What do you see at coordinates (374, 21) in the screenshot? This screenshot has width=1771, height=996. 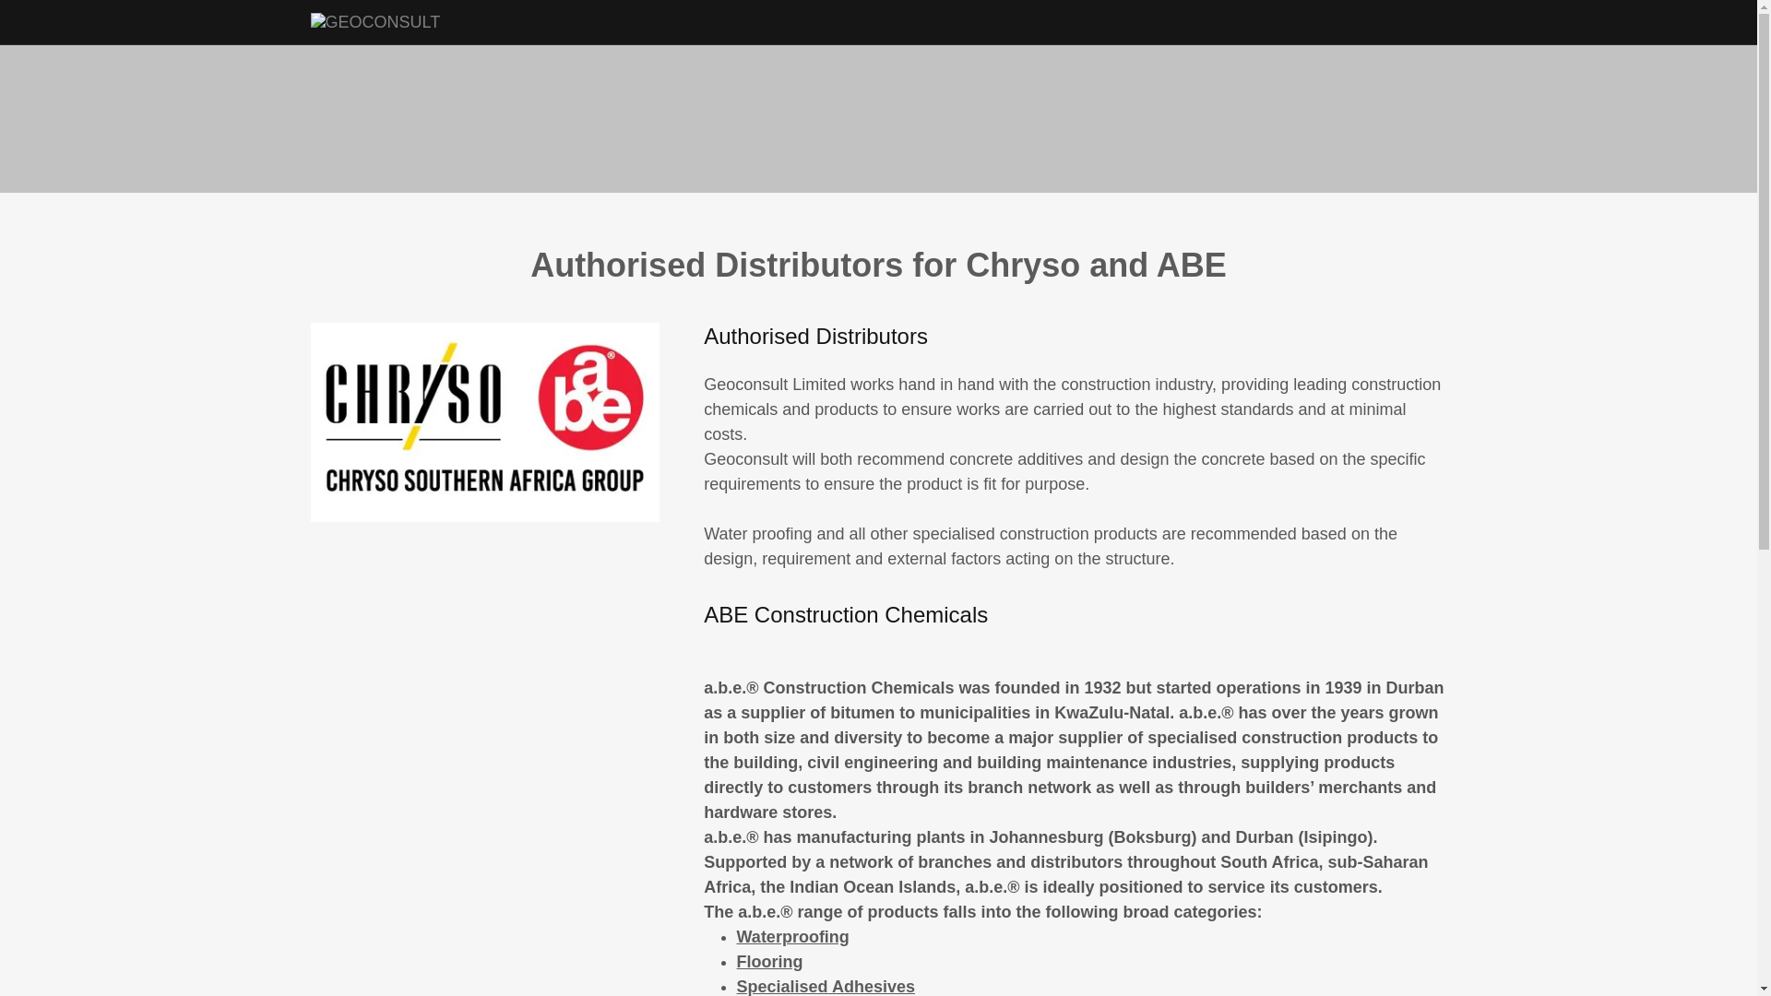 I see `'GEOCONSULT'` at bounding box center [374, 21].